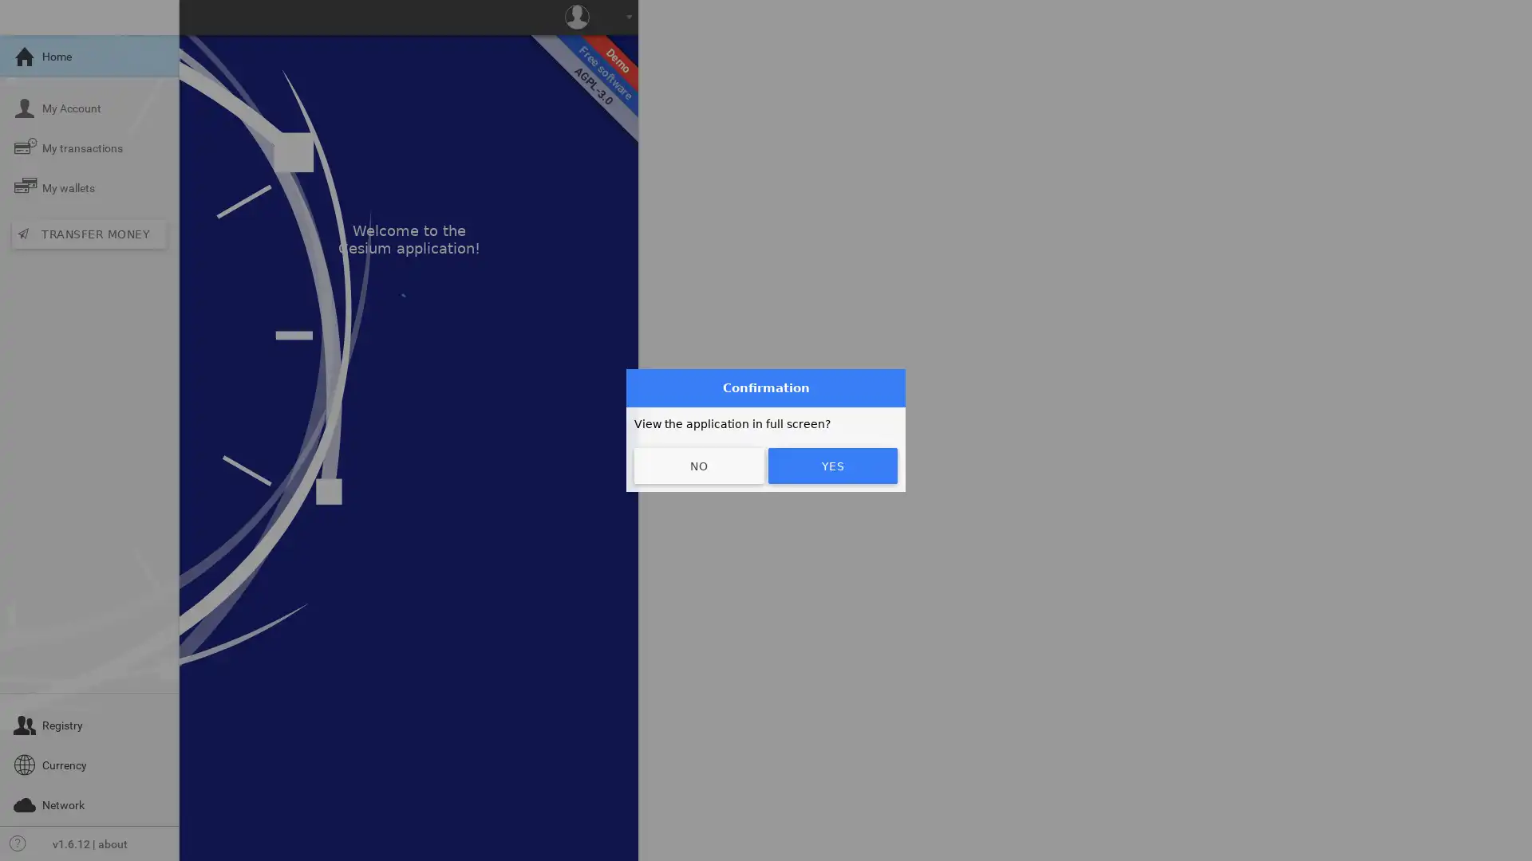 The height and width of the screenshot is (861, 1532). I want to click on YES, so click(831, 466).